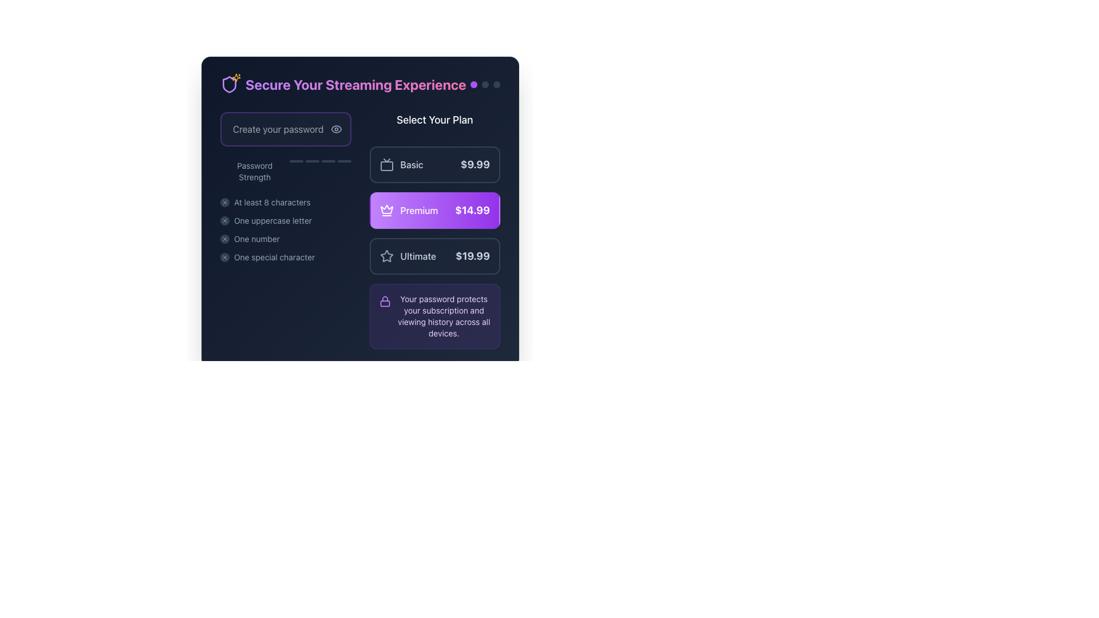 The height and width of the screenshot is (618, 1099). Describe the element at coordinates (286, 172) in the screenshot. I see `the Password strength indicator, which displays 'Password Strength' and includes a series of horizontal bars as a progress indicator, positioned below the 'Create your password' input field` at that location.